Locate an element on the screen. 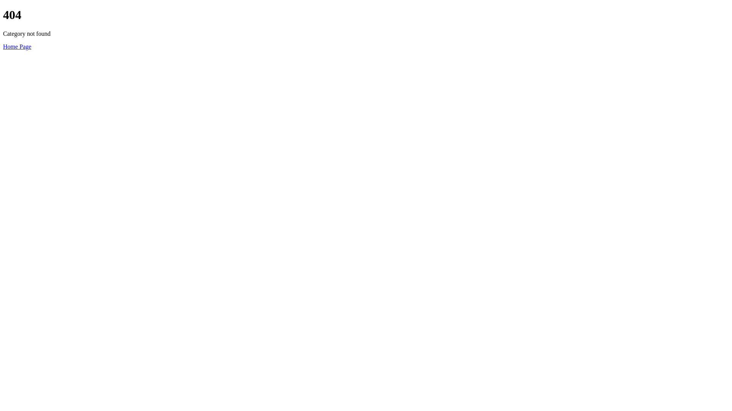 The height and width of the screenshot is (411, 732). 'Home Page' is located at coordinates (17, 46).